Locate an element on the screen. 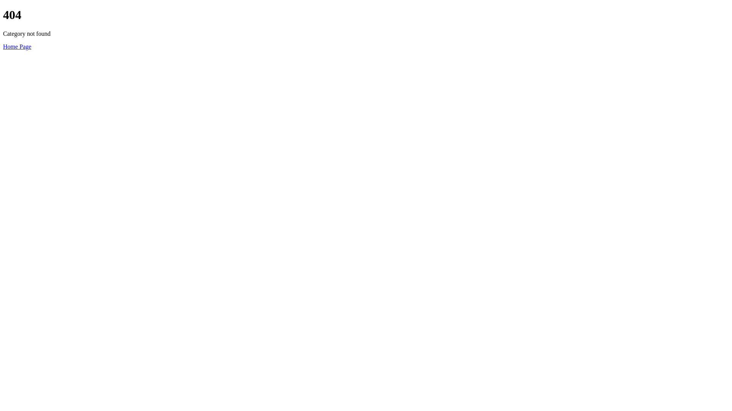 The height and width of the screenshot is (411, 732). 'Home Page' is located at coordinates (17, 46).